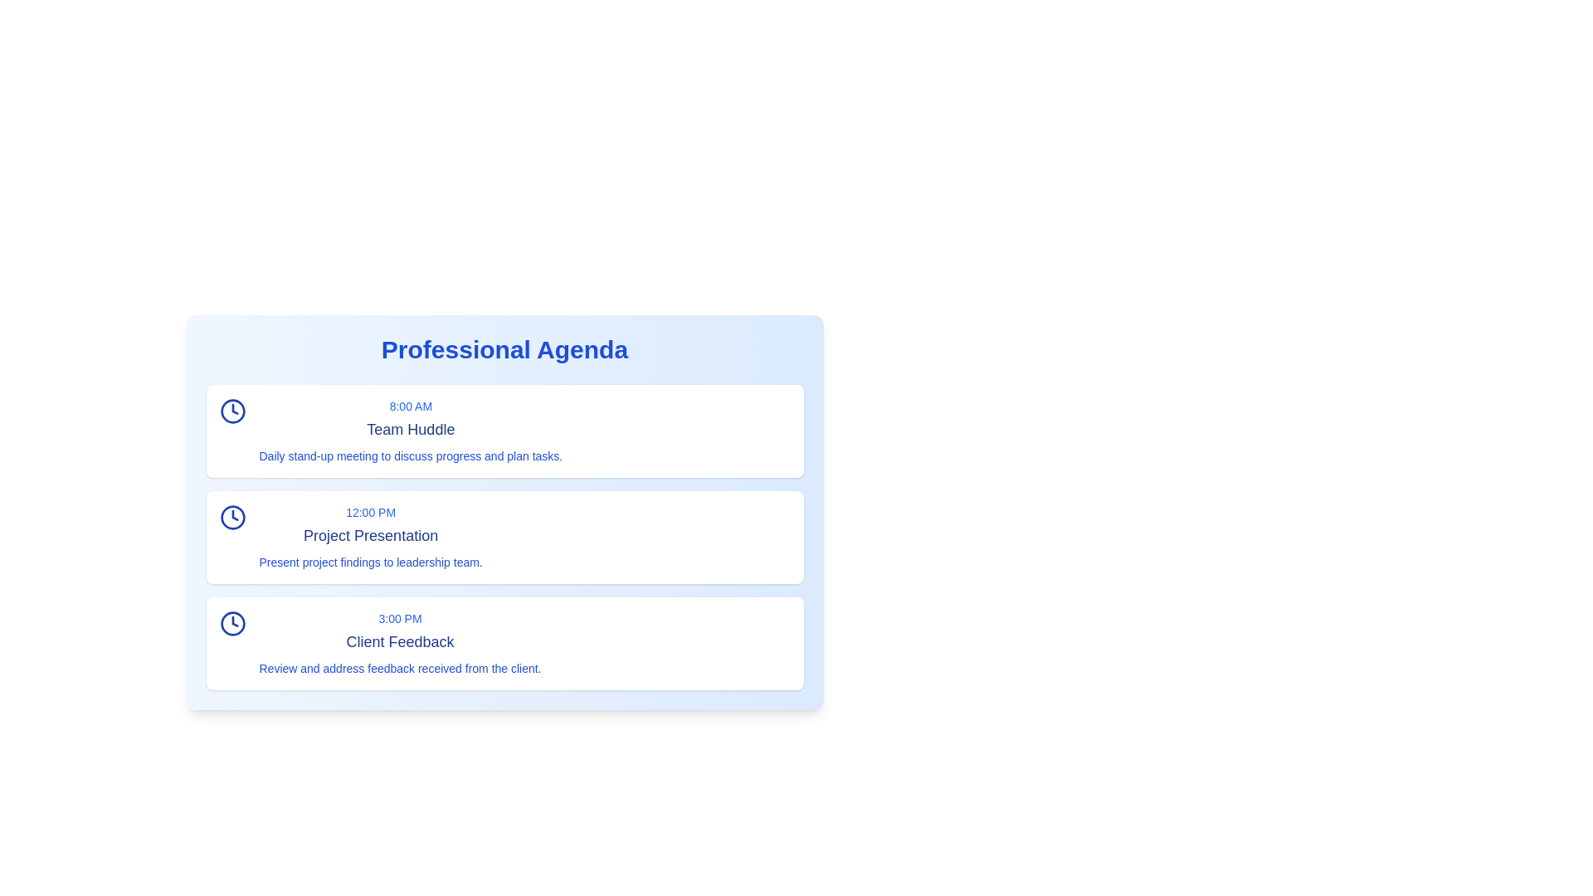  Describe the element at coordinates (411, 431) in the screenshot. I see `the text block containing the time label ('8:00 AM'), the title ('Team Huddle'), and the description ('Daily stand-up meeting to discuss progress and plan tasks.') which is positioned` at that location.